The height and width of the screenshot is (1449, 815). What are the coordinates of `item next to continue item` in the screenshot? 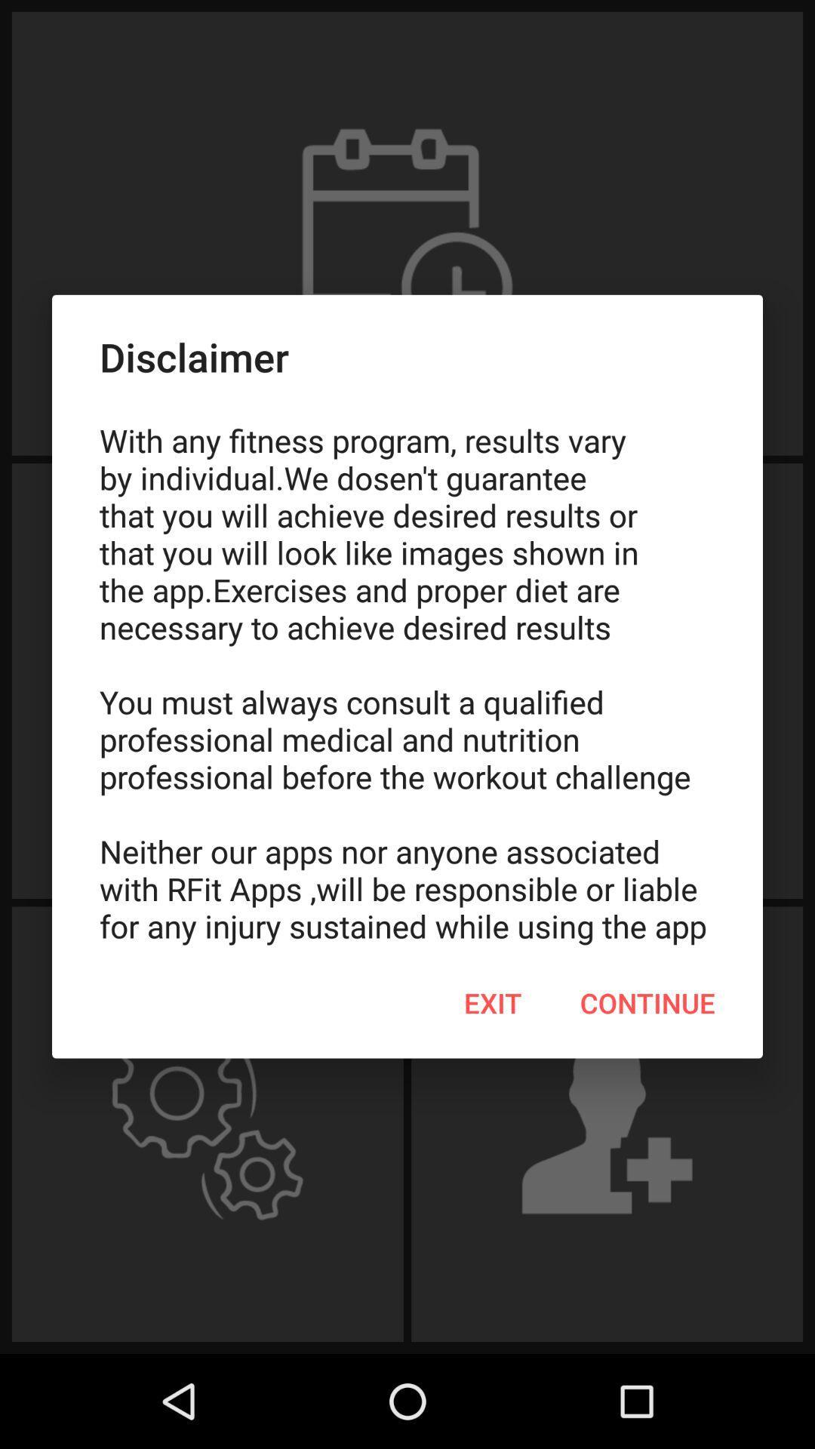 It's located at (493, 1003).